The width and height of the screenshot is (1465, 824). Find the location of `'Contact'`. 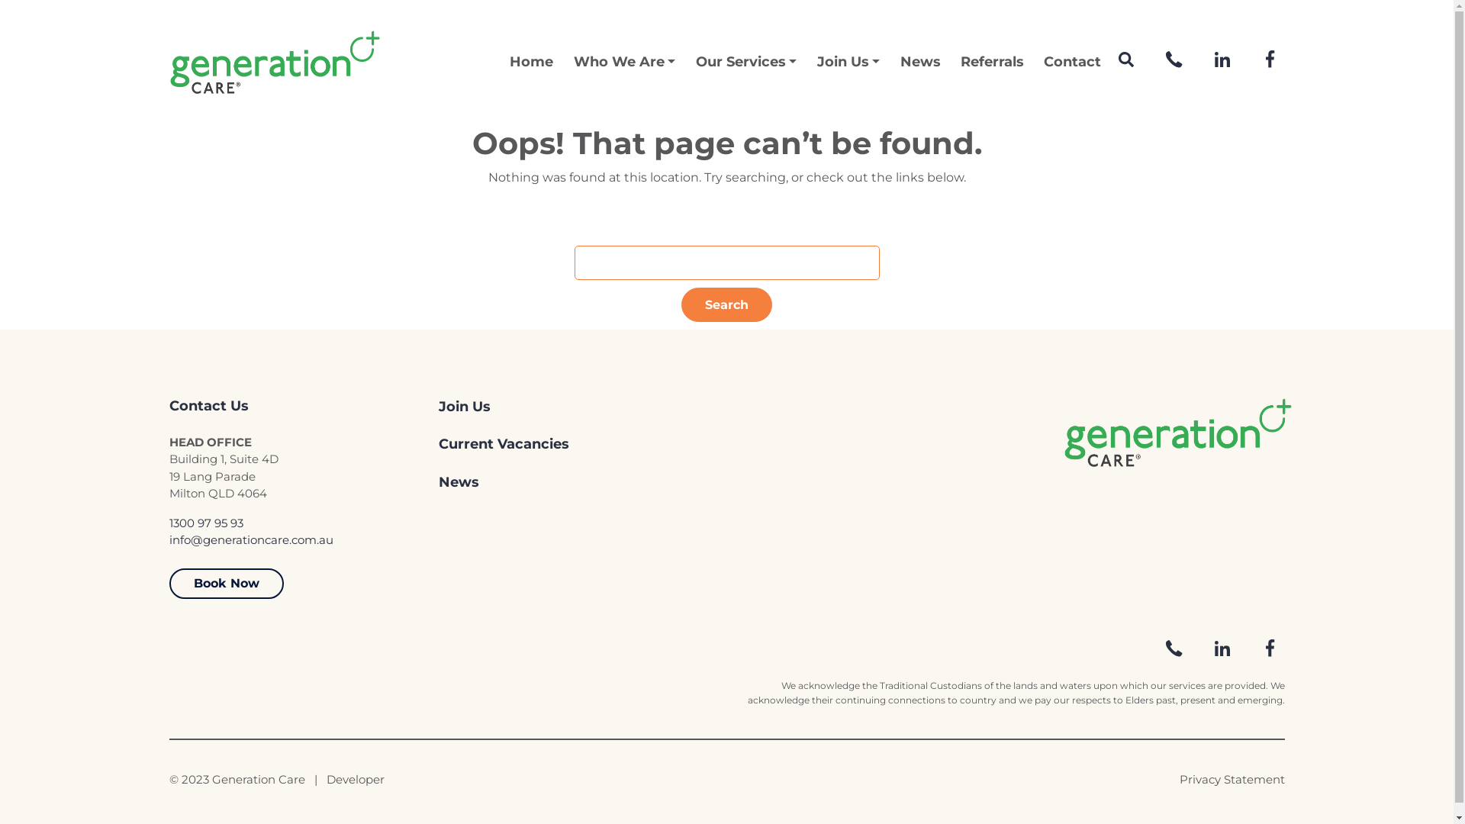

'Contact' is located at coordinates (1071, 61).